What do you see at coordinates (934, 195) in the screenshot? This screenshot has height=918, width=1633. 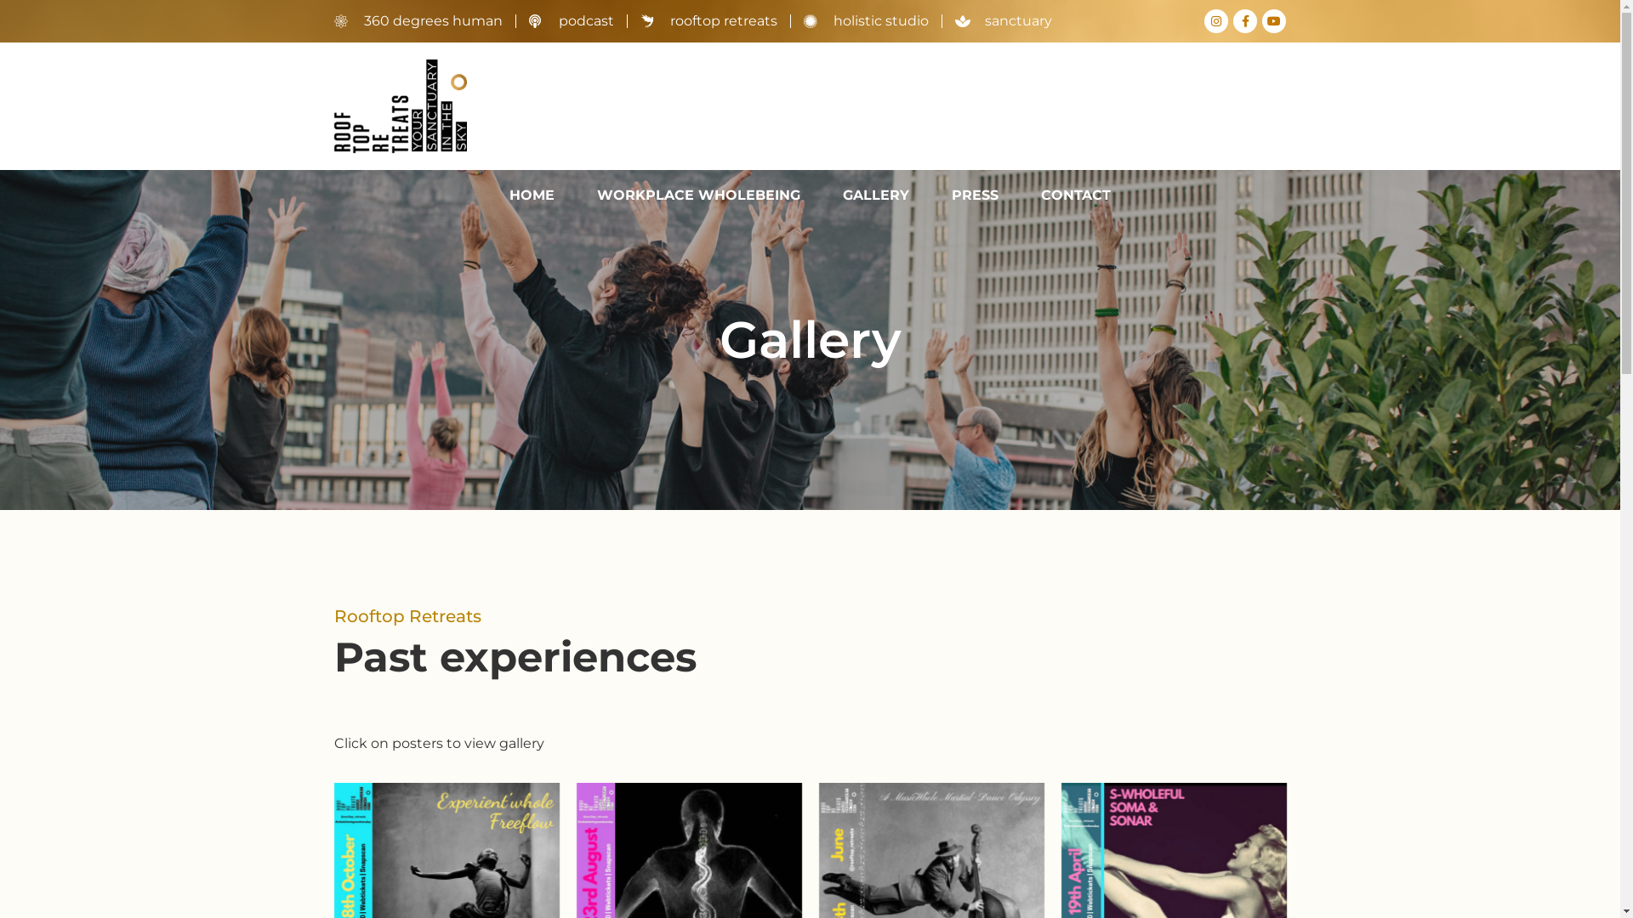 I see `'PRESS'` at bounding box center [934, 195].